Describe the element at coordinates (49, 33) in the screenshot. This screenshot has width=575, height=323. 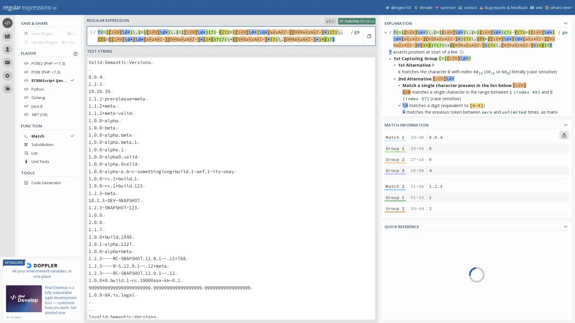
I see `Save Regex +s` at that location.